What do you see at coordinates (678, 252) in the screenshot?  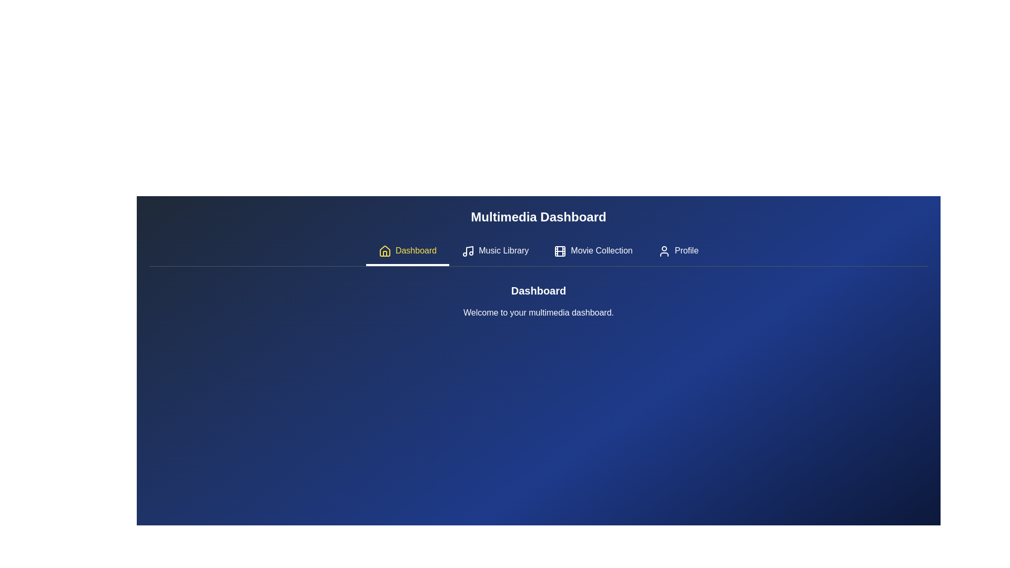 I see `the Profile tab by clicking on its button` at bounding box center [678, 252].